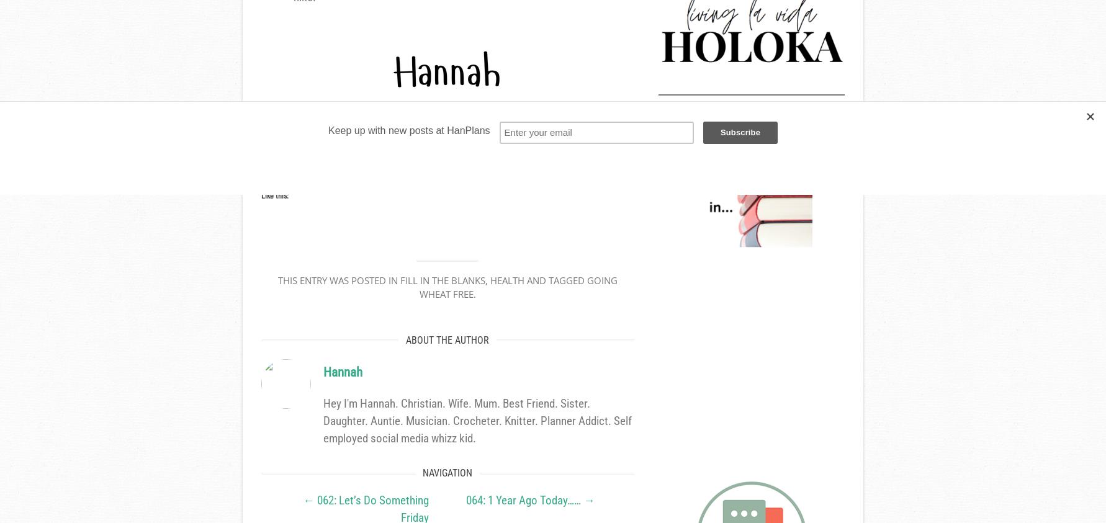  Describe the element at coordinates (286, 133) in the screenshot. I see `'Sharing is Caring'` at that location.